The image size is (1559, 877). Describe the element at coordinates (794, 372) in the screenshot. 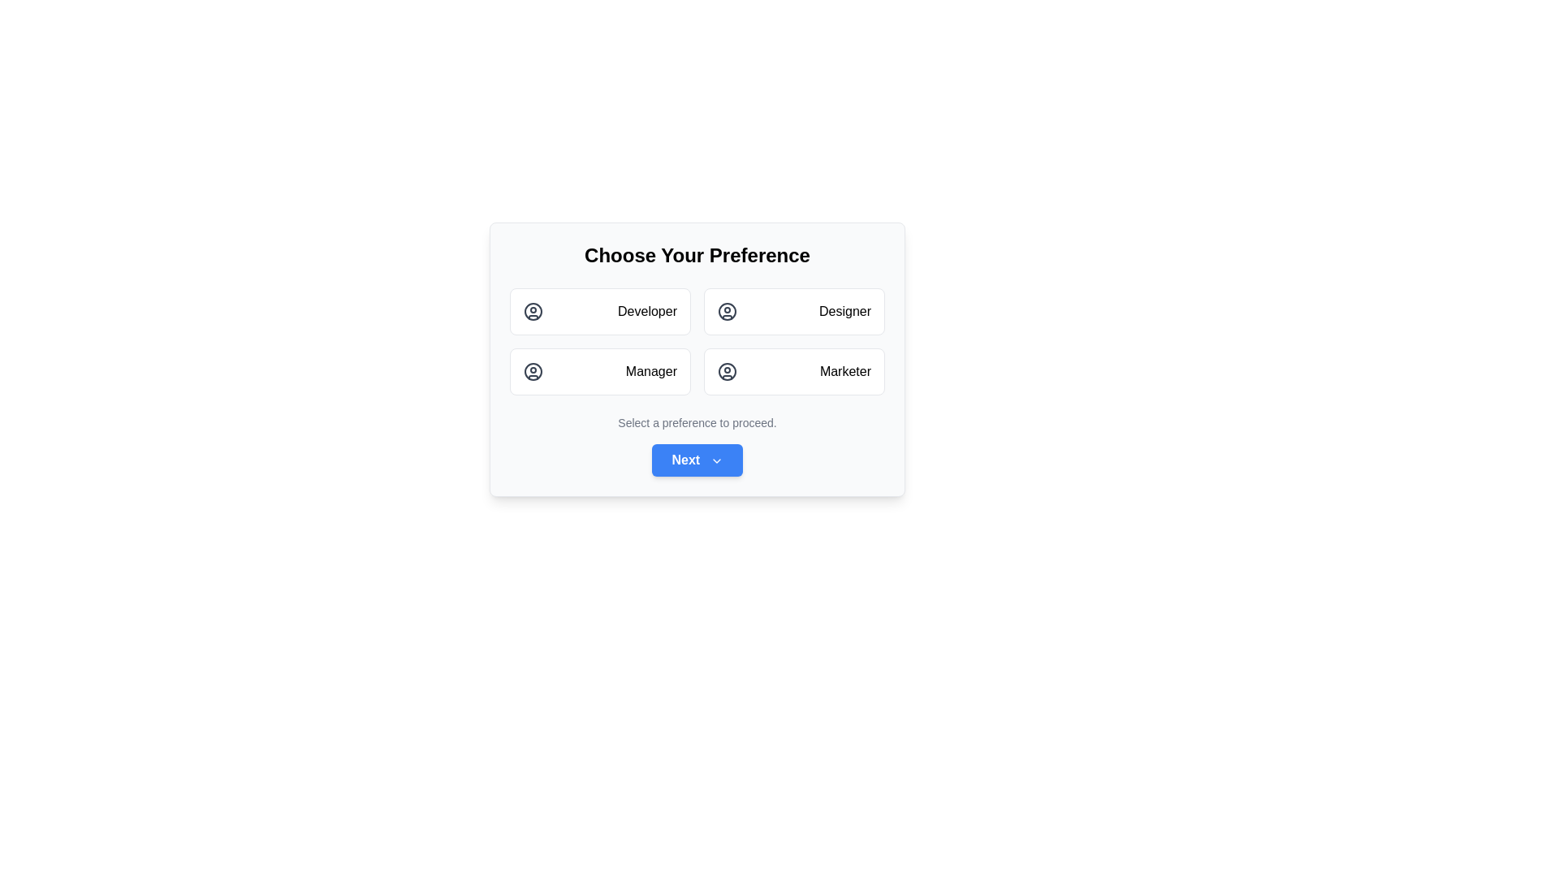

I see `the rectangular button with rounded corners labeled 'Marketer'` at that location.